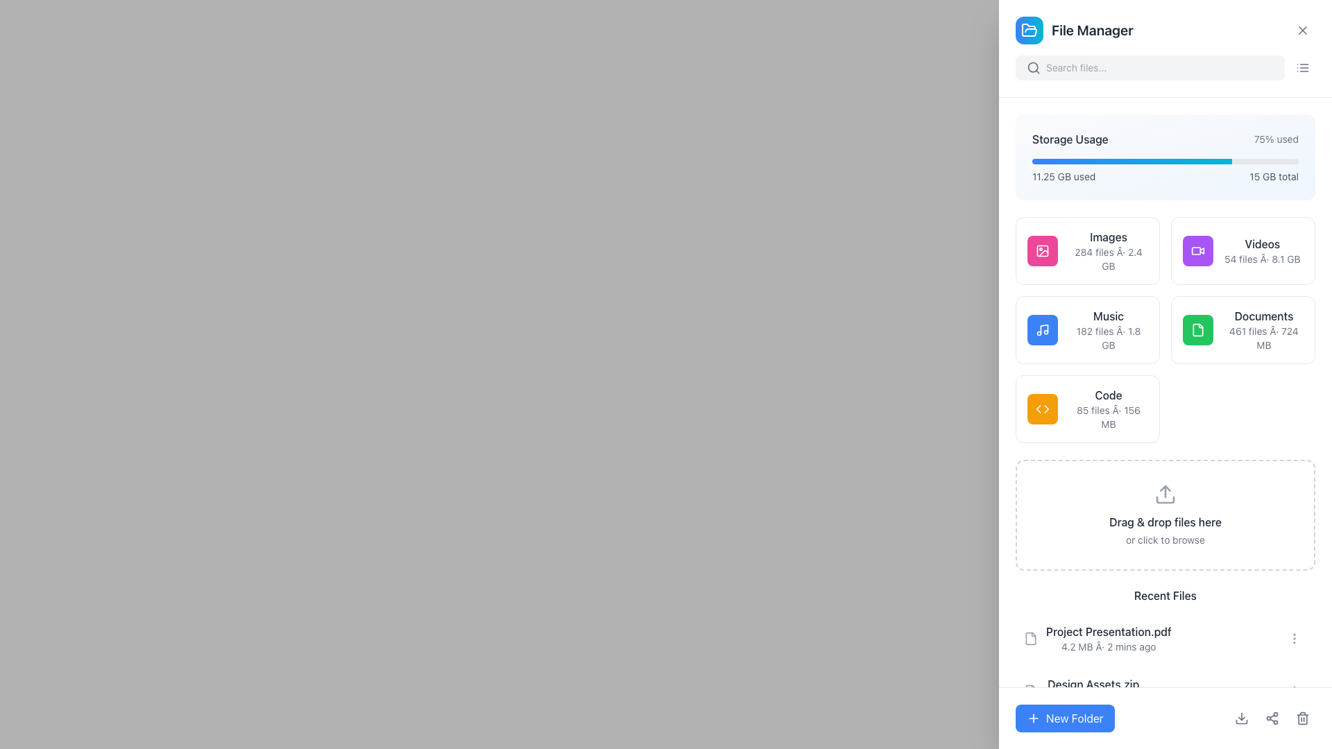 The height and width of the screenshot is (749, 1332). I want to click on the text element displaying '75% used.' in the 'Storage Usage' section, located to the right of the progress bar, so click(1276, 139).